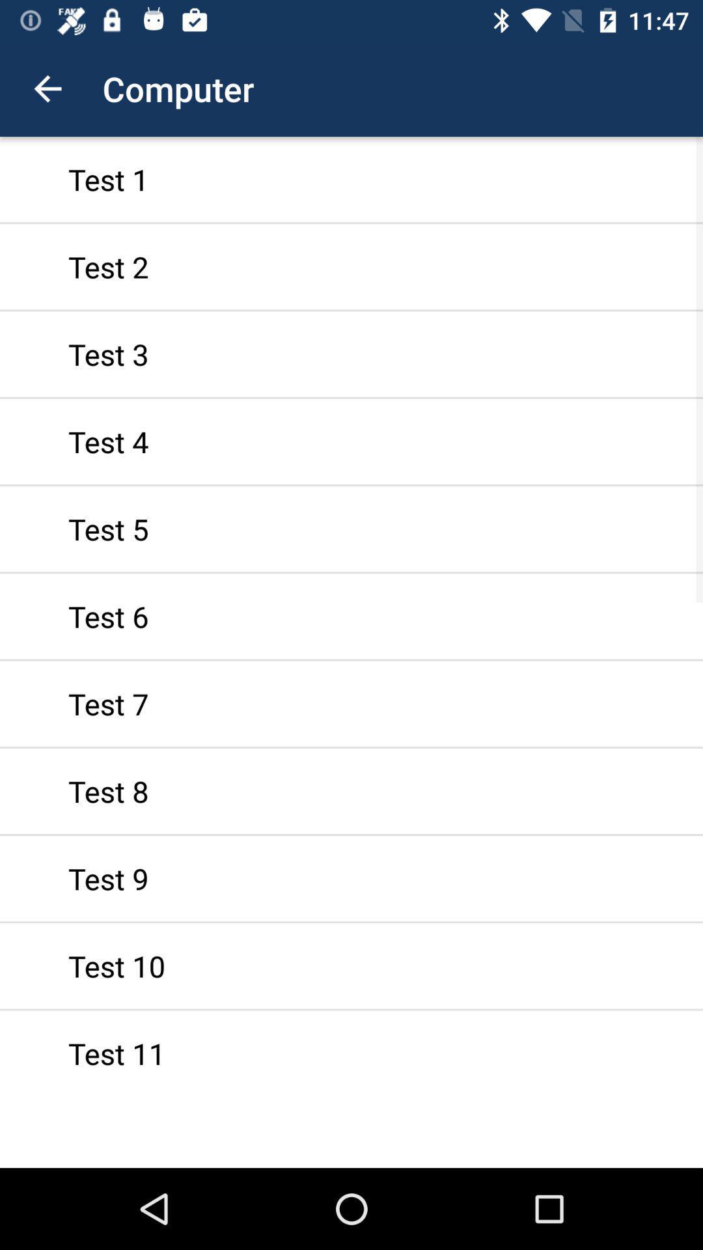 This screenshot has width=703, height=1250. I want to click on icon above the test 11 item, so click(351, 965).